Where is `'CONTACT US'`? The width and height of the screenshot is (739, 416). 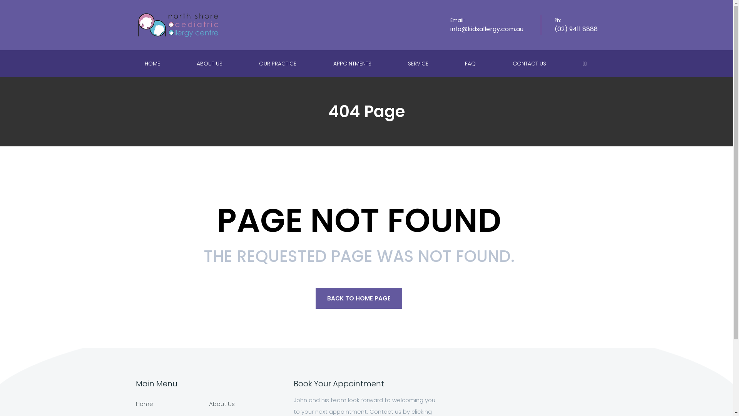 'CONTACT US' is located at coordinates (530, 63).